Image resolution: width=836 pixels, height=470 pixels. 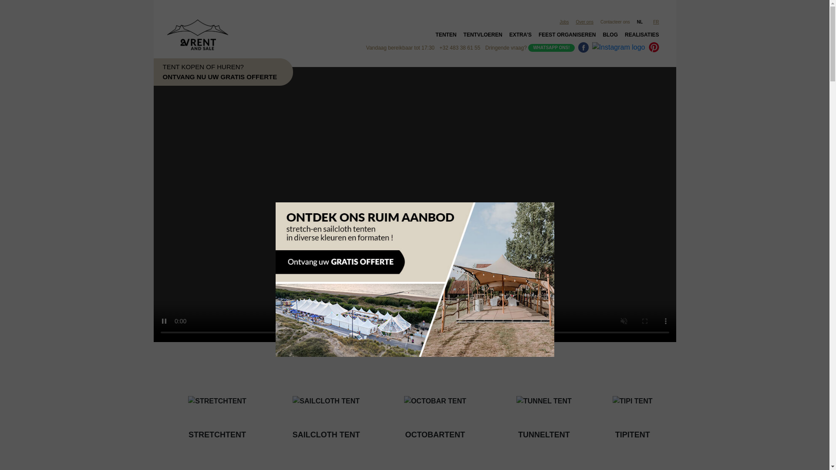 What do you see at coordinates (641, 36) in the screenshot?
I see `'REALISATIES'` at bounding box center [641, 36].